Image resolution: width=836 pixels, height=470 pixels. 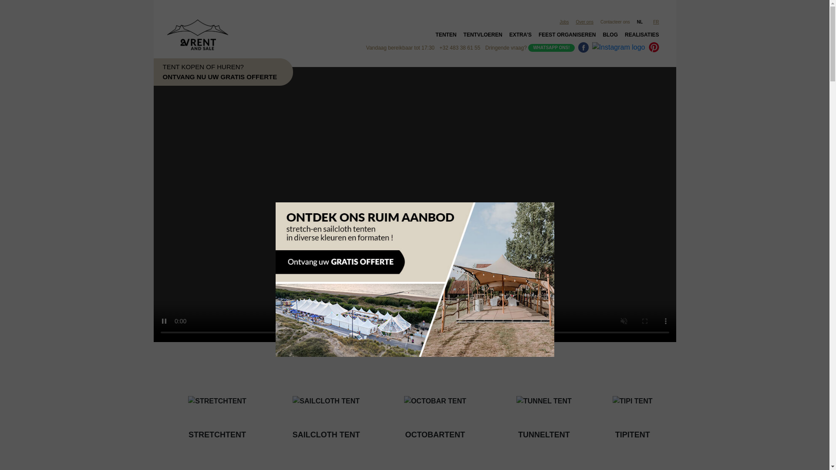 What do you see at coordinates (641, 36) in the screenshot?
I see `'REALISATIES'` at bounding box center [641, 36].